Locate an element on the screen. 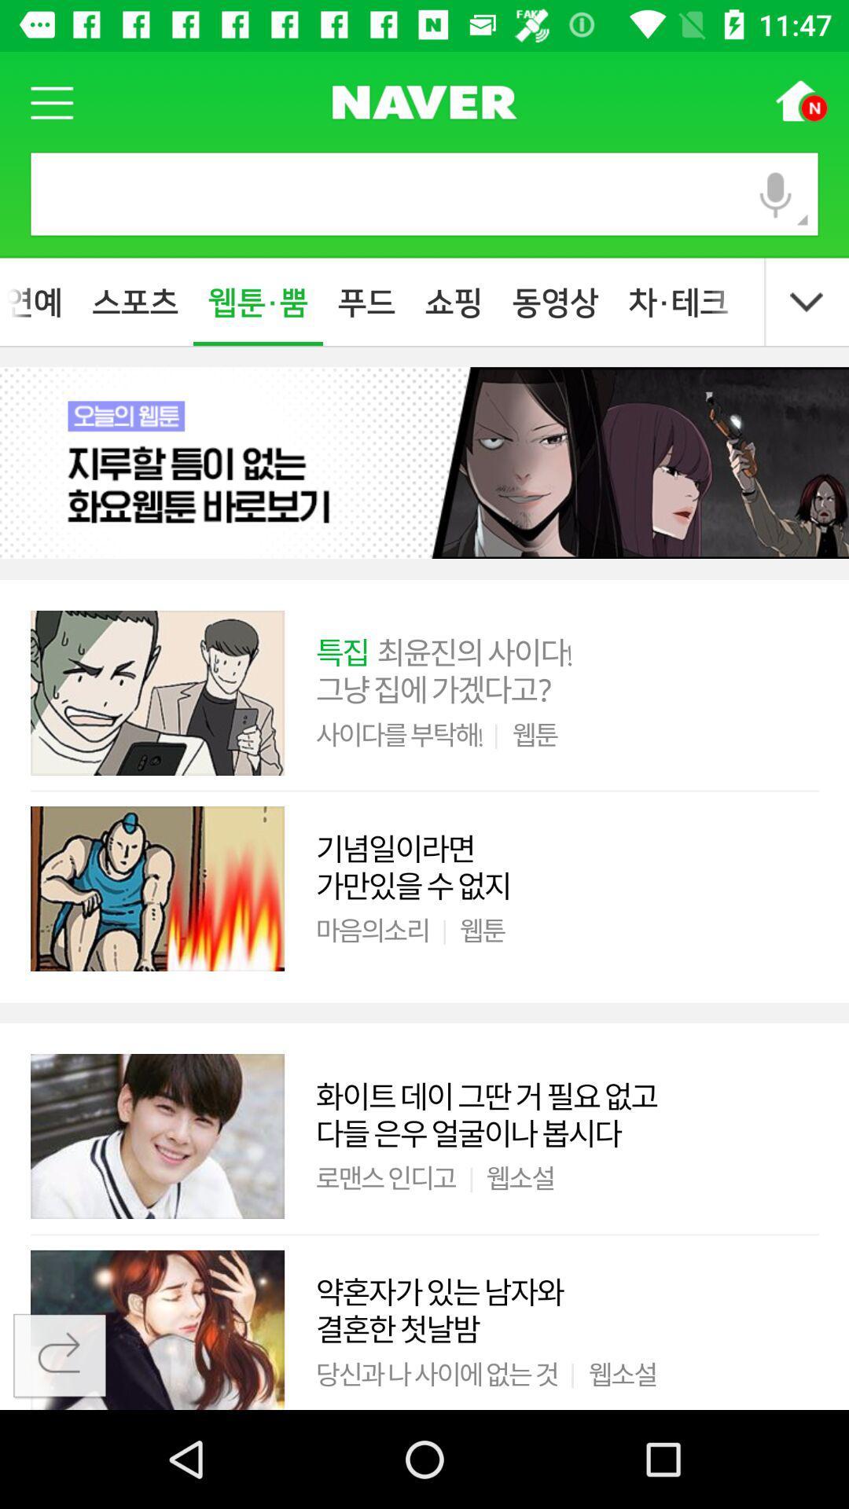 The width and height of the screenshot is (849, 1509). the sliders icon is located at coordinates (424, 101).